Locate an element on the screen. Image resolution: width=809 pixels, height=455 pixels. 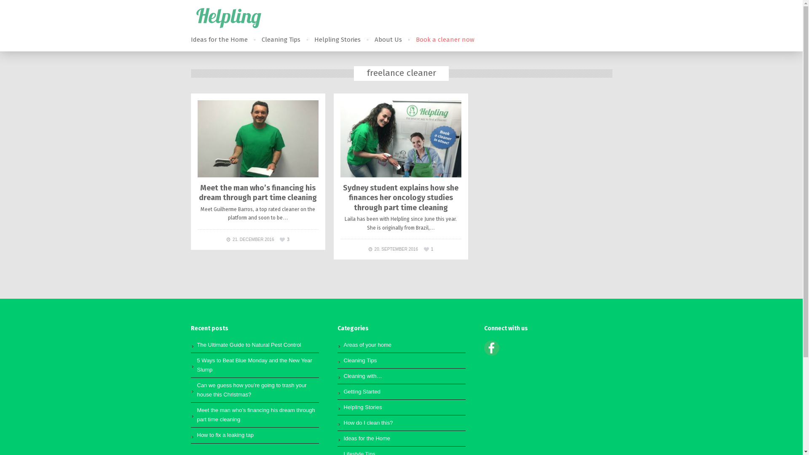
'Ideas for the Home' is located at coordinates (219, 40).